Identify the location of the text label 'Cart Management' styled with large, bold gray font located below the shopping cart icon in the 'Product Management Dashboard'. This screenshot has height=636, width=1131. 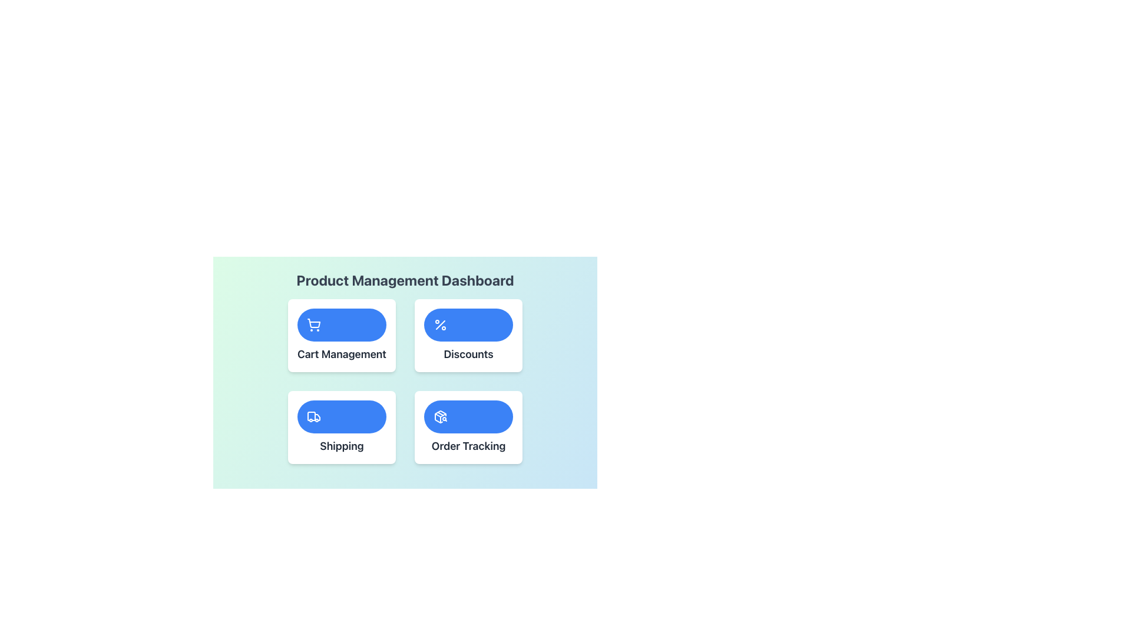
(341, 353).